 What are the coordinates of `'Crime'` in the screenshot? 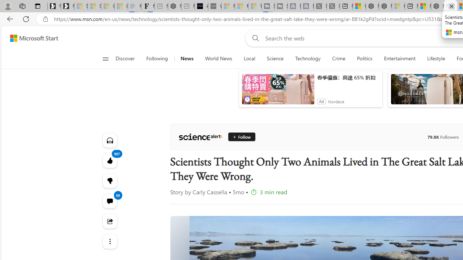 It's located at (338, 58).